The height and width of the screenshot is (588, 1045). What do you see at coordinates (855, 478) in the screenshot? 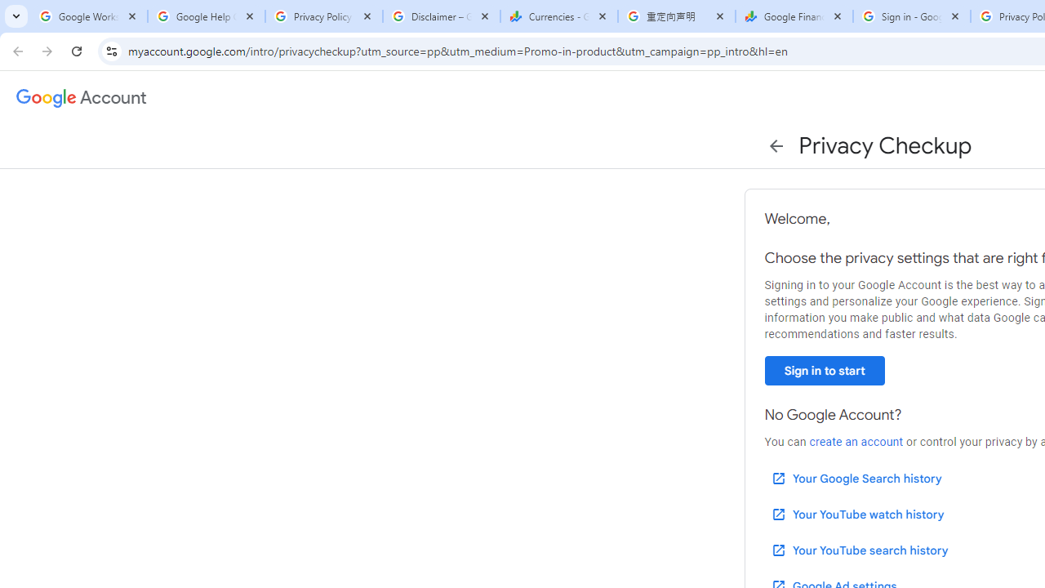
I see `'Your Google Search history'` at bounding box center [855, 478].